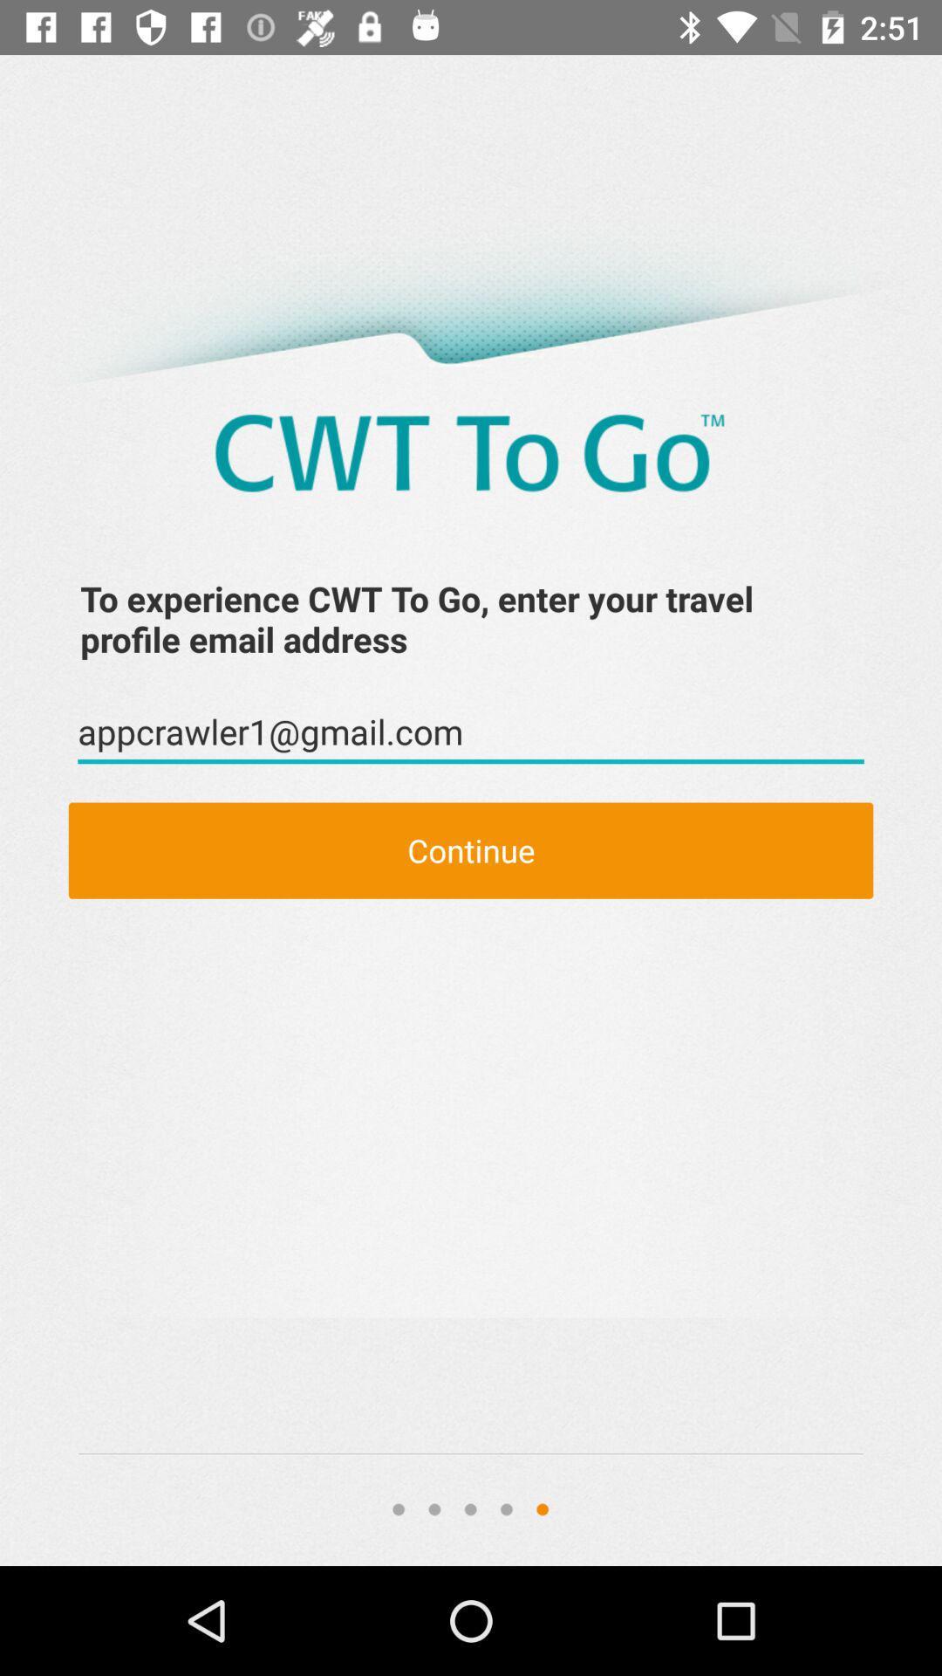  What do you see at coordinates (471, 732) in the screenshot?
I see `item below the to experience cwt` at bounding box center [471, 732].